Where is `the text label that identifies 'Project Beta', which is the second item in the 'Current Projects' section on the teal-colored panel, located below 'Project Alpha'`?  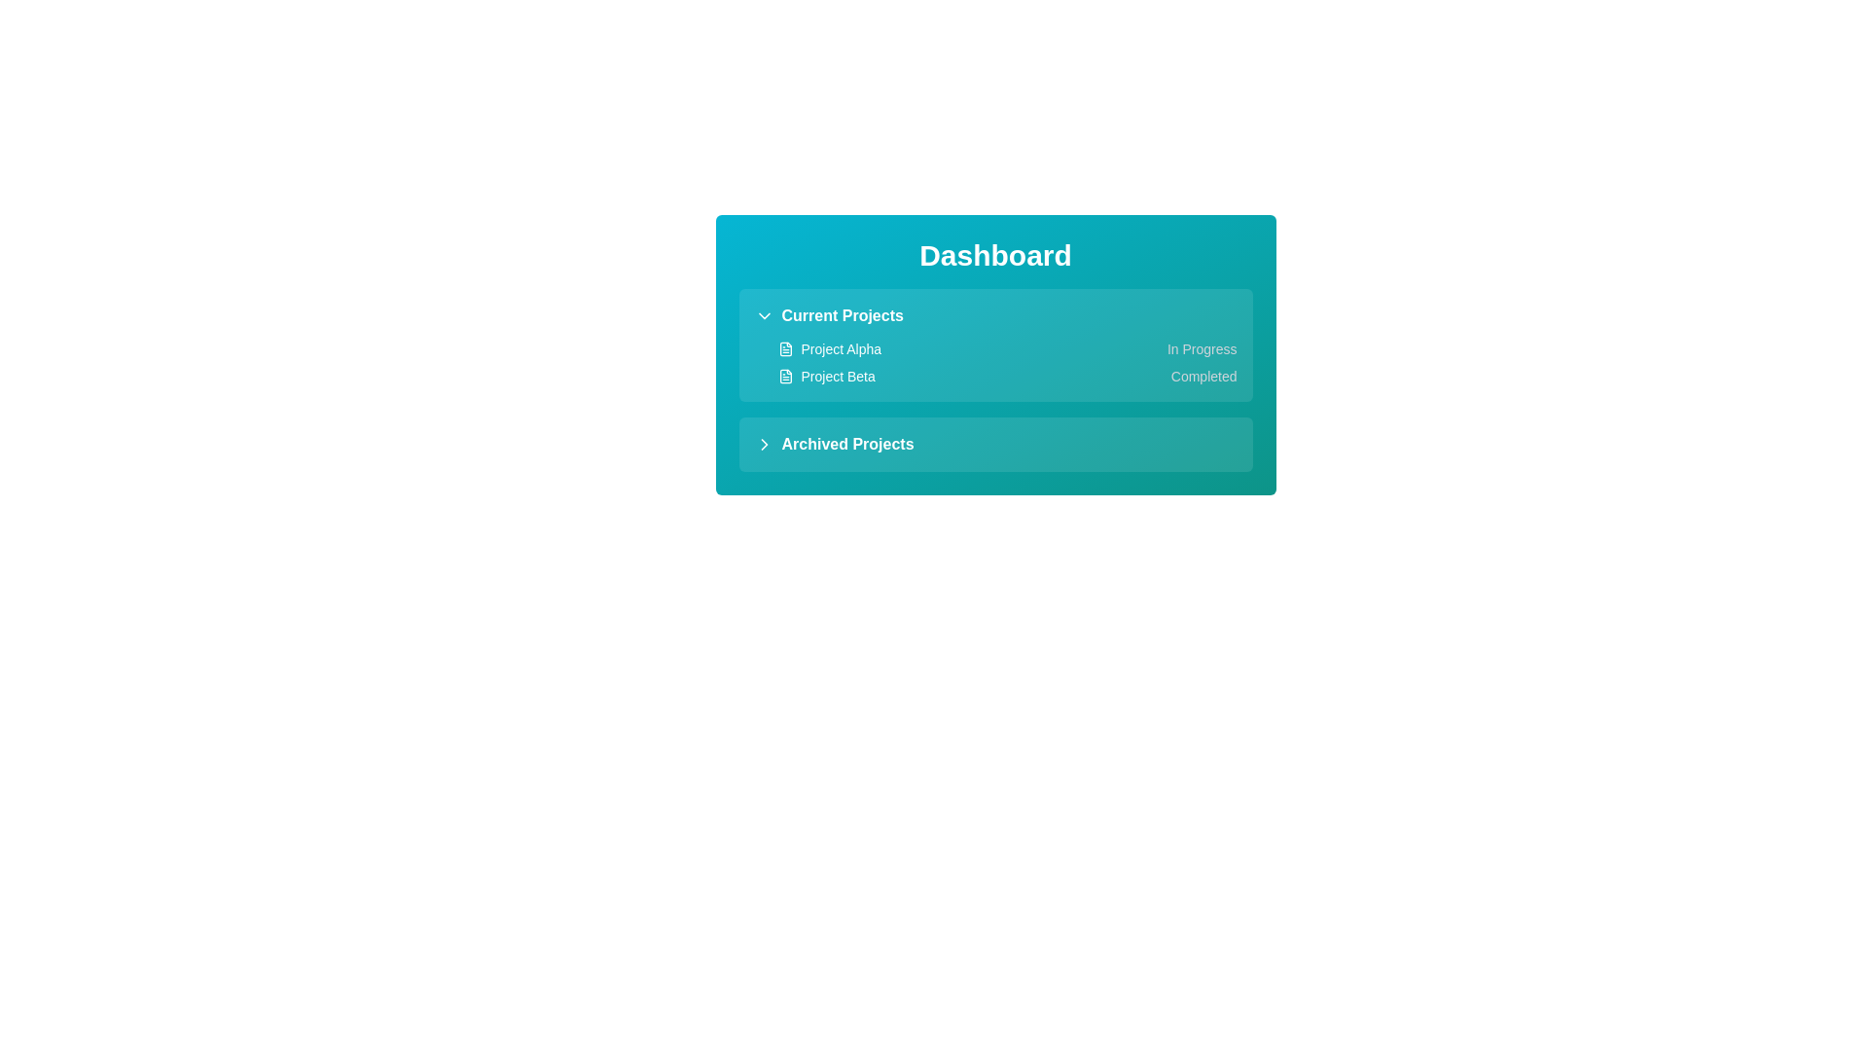
the text label that identifies 'Project Beta', which is the second item in the 'Current Projects' section on the teal-colored panel, located below 'Project Alpha' is located at coordinates (838, 376).